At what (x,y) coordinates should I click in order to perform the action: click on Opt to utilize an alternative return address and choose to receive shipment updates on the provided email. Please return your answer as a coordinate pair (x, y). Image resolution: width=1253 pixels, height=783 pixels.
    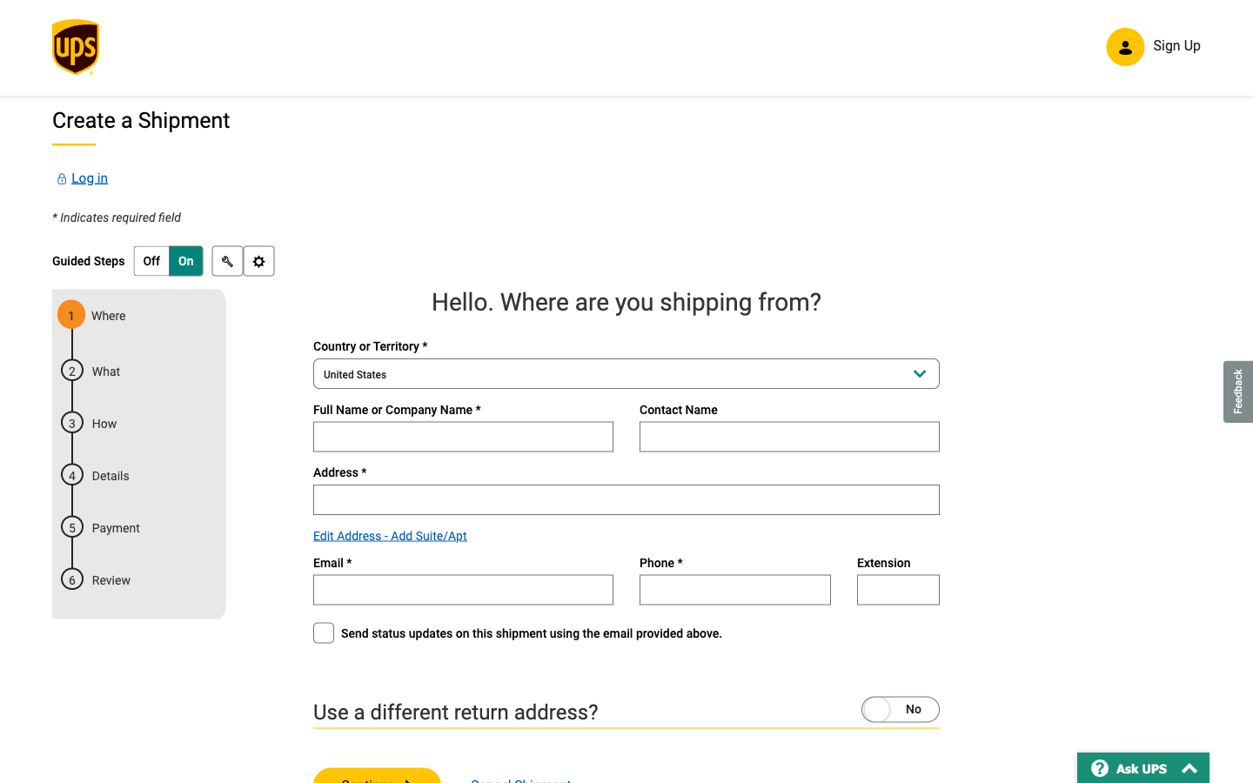
    Looking at the image, I should click on (866, 707).